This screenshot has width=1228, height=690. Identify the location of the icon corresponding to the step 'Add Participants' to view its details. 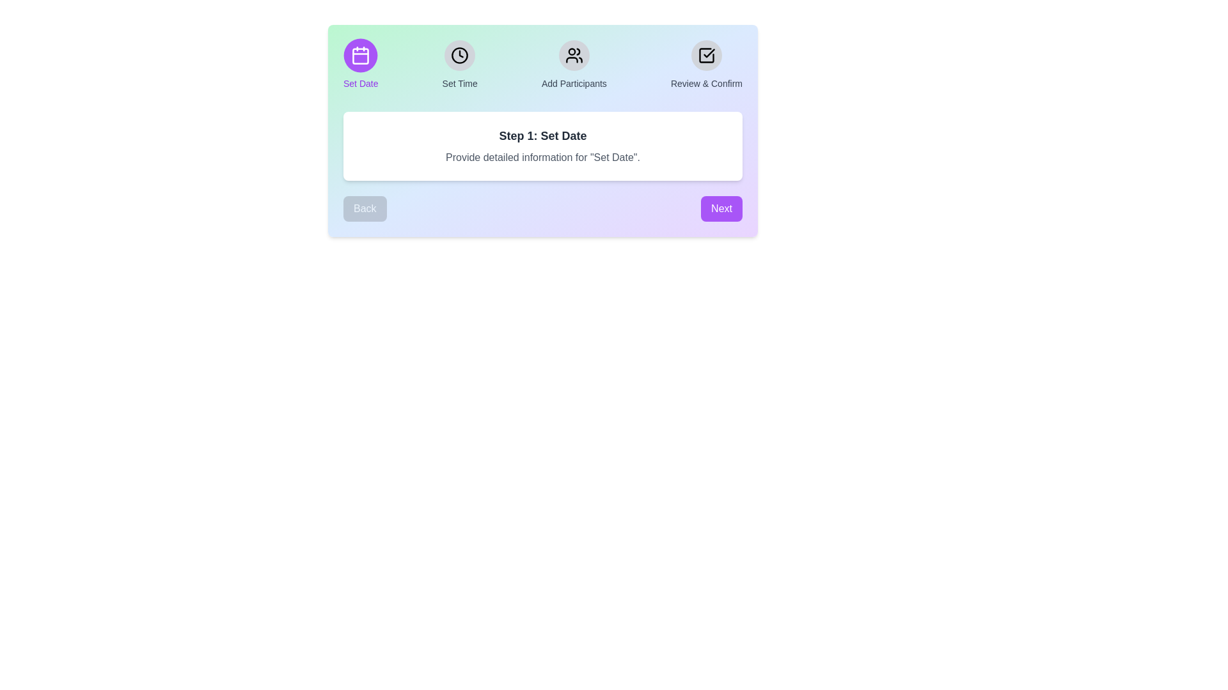
(573, 55).